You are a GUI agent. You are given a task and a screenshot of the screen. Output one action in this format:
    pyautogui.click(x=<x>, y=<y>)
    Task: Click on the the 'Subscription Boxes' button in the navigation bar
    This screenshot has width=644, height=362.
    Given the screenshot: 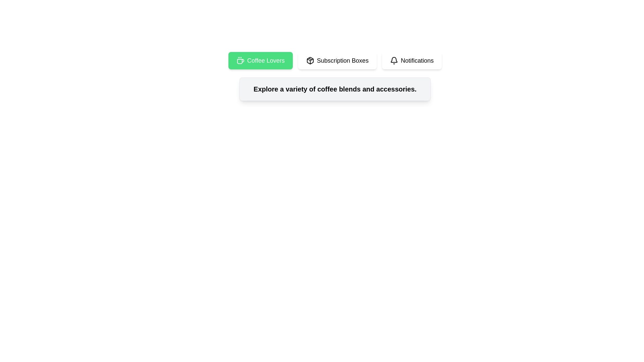 What is the action you would take?
    pyautogui.click(x=335, y=61)
    